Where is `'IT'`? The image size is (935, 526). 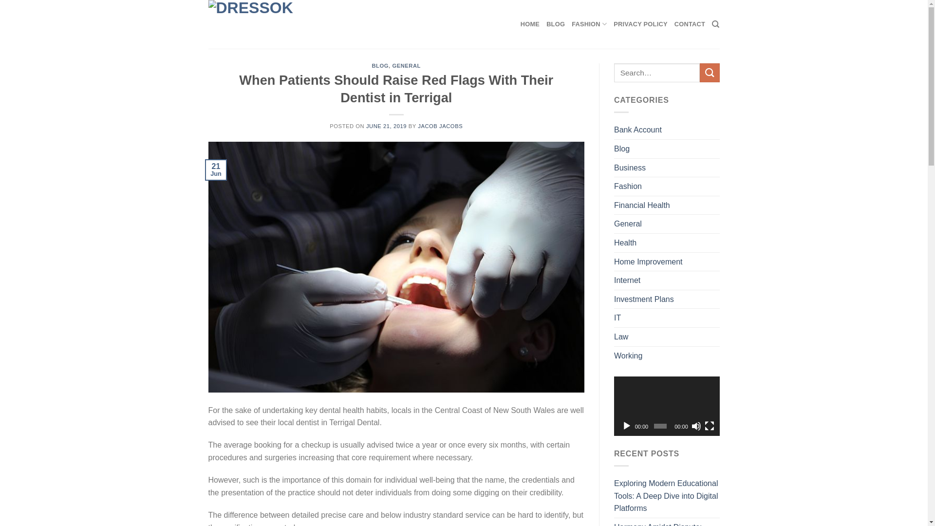
'IT' is located at coordinates (617, 318).